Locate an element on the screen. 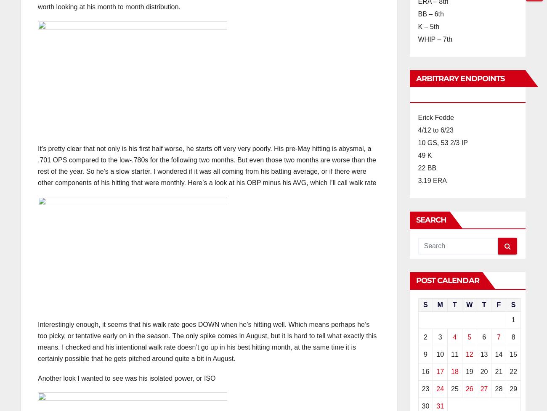 This screenshot has height=411, width=547. 'W' is located at coordinates (469, 305).